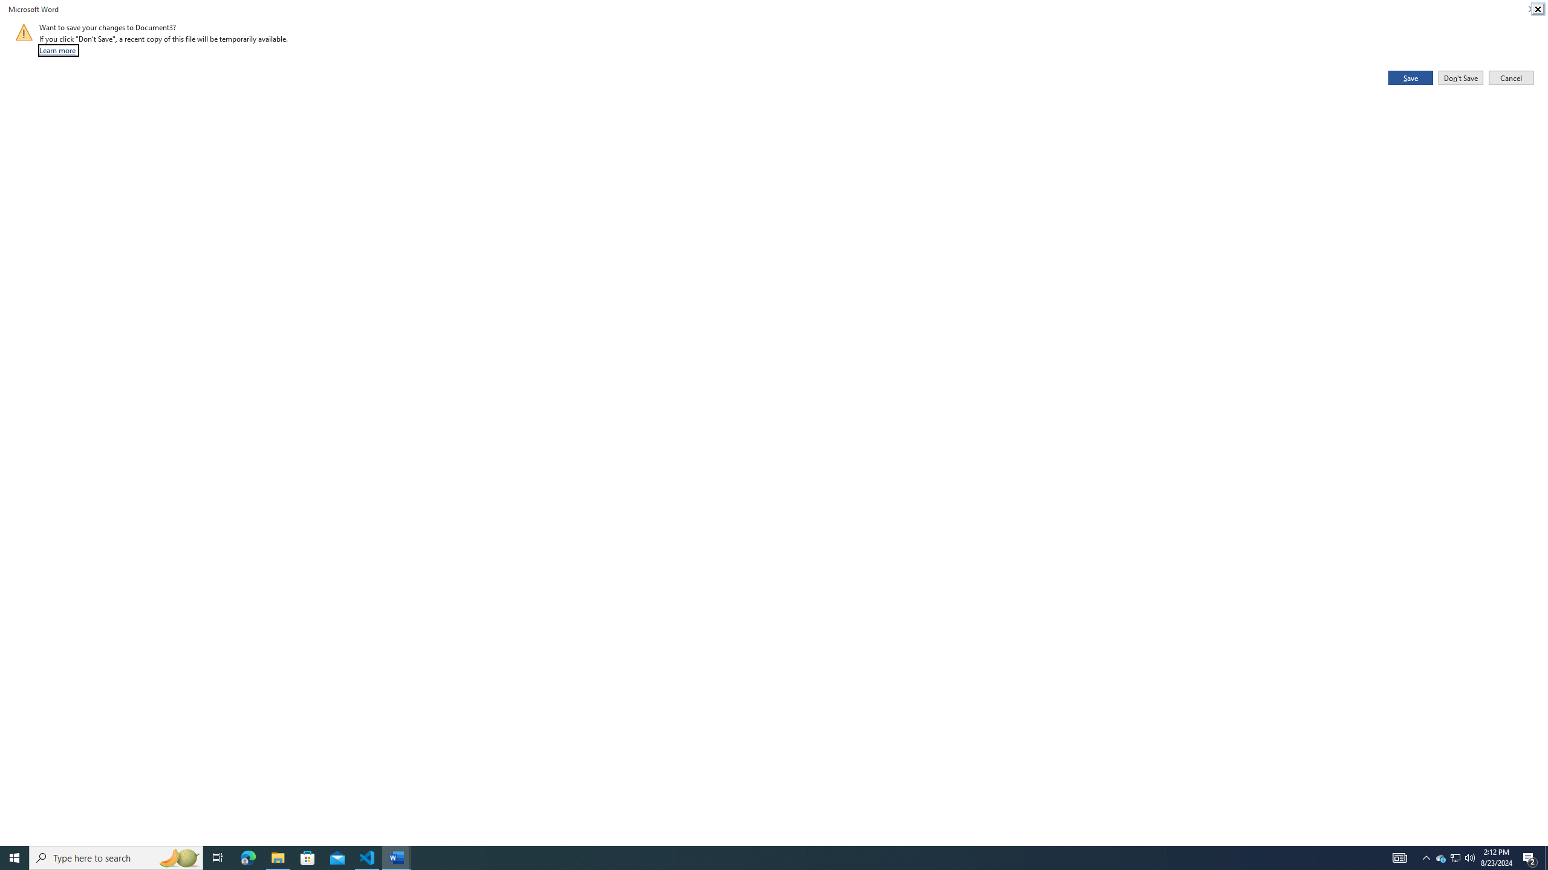 Image resolution: width=1548 pixels, height=870 pixels. I want to click on 'Learn more', so click(57, 50).